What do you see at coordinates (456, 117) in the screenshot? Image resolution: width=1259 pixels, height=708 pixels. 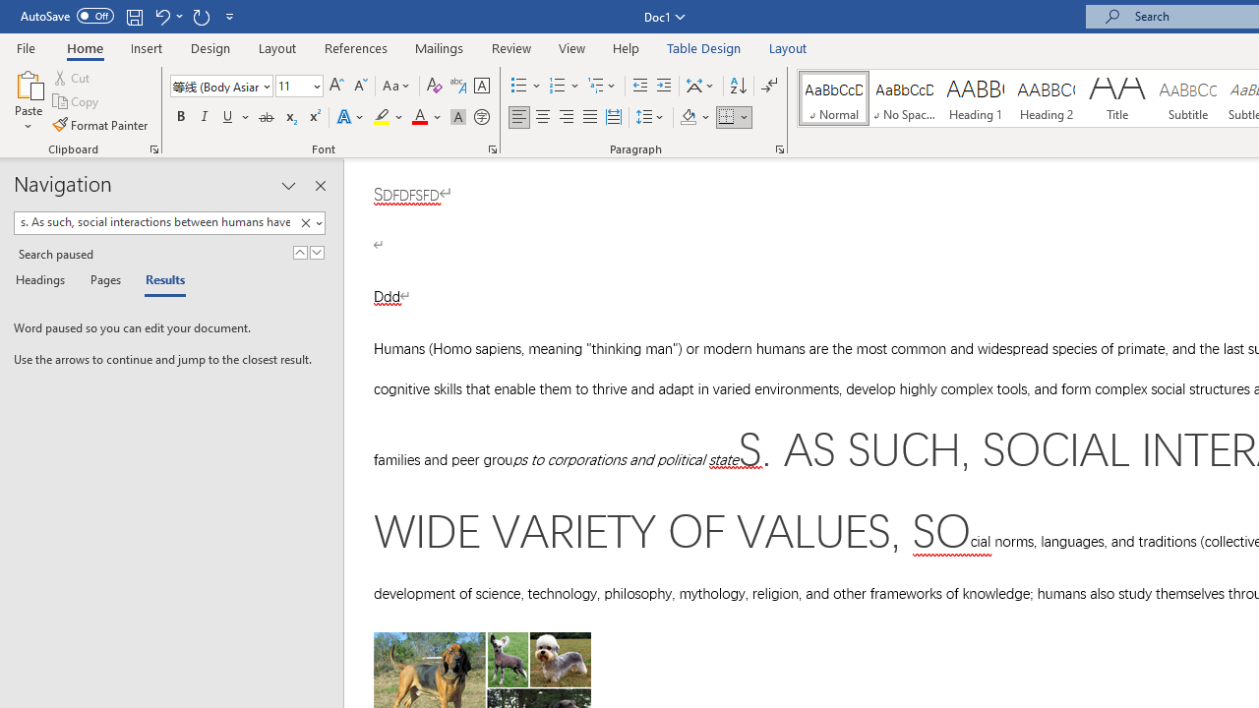 I see `'Character Shading'` at bounding box center [456, 117].